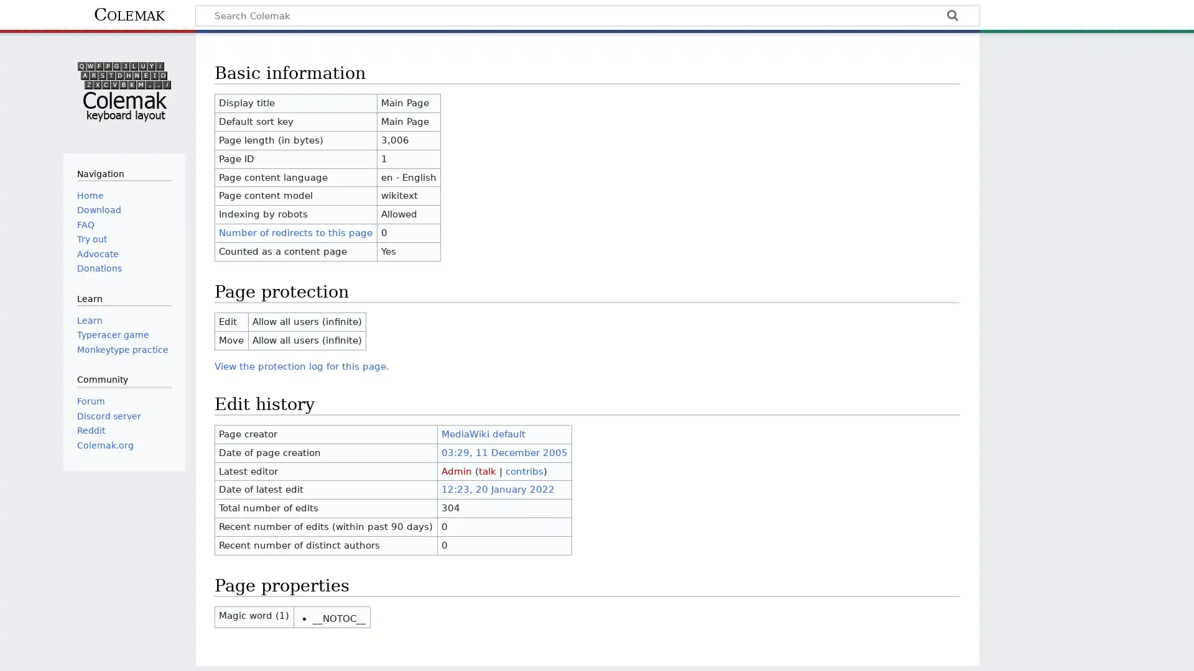 This screenshot has height=671, width=1194. I want to click on Search, so click(951, 17).